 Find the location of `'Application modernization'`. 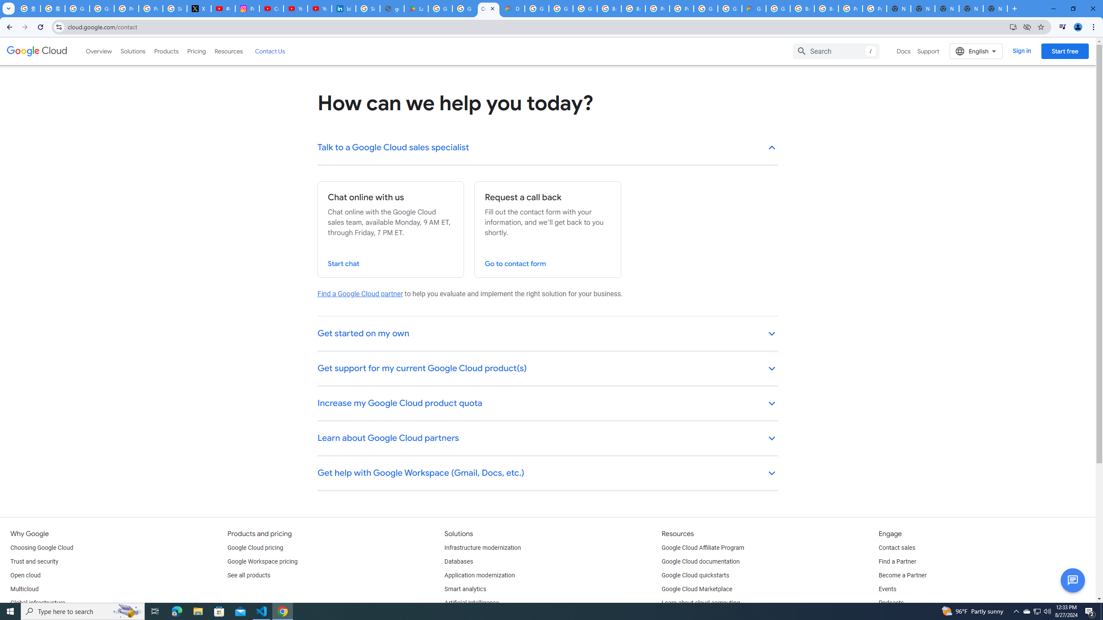

'Application modernization' is located at coordinates (479, 575).